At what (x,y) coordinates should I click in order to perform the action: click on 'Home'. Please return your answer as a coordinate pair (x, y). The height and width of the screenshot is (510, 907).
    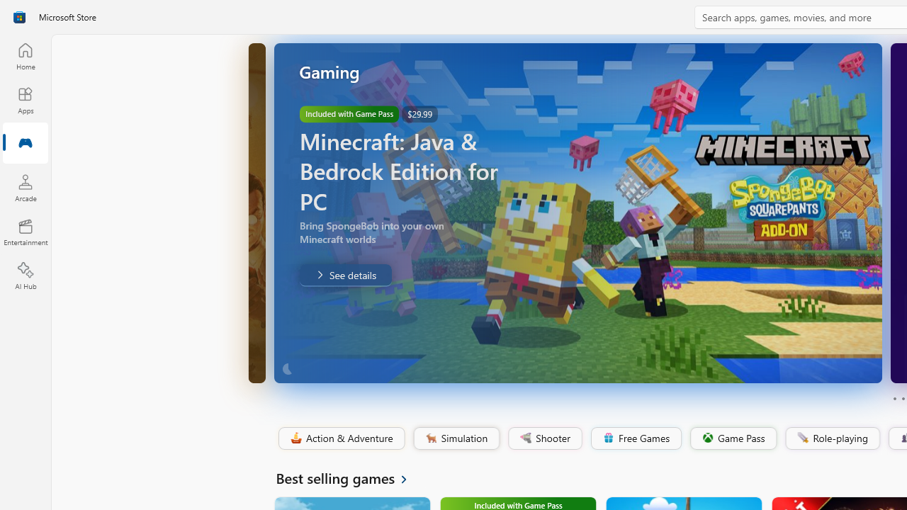
    Looking at the image, I should click on (25, 55).